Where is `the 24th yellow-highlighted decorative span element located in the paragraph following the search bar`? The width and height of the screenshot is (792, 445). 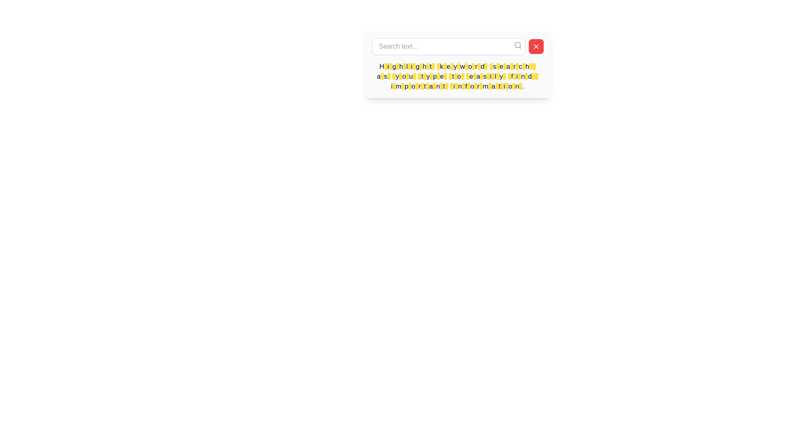
the 24th yellow-highlighted decorative span element located in the paragraph following the search bar is located at coordinates (523, 66).